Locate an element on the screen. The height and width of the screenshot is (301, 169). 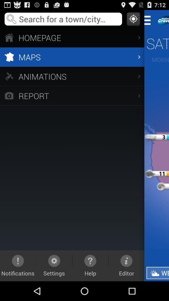
location is located at coordinates (133, 18).